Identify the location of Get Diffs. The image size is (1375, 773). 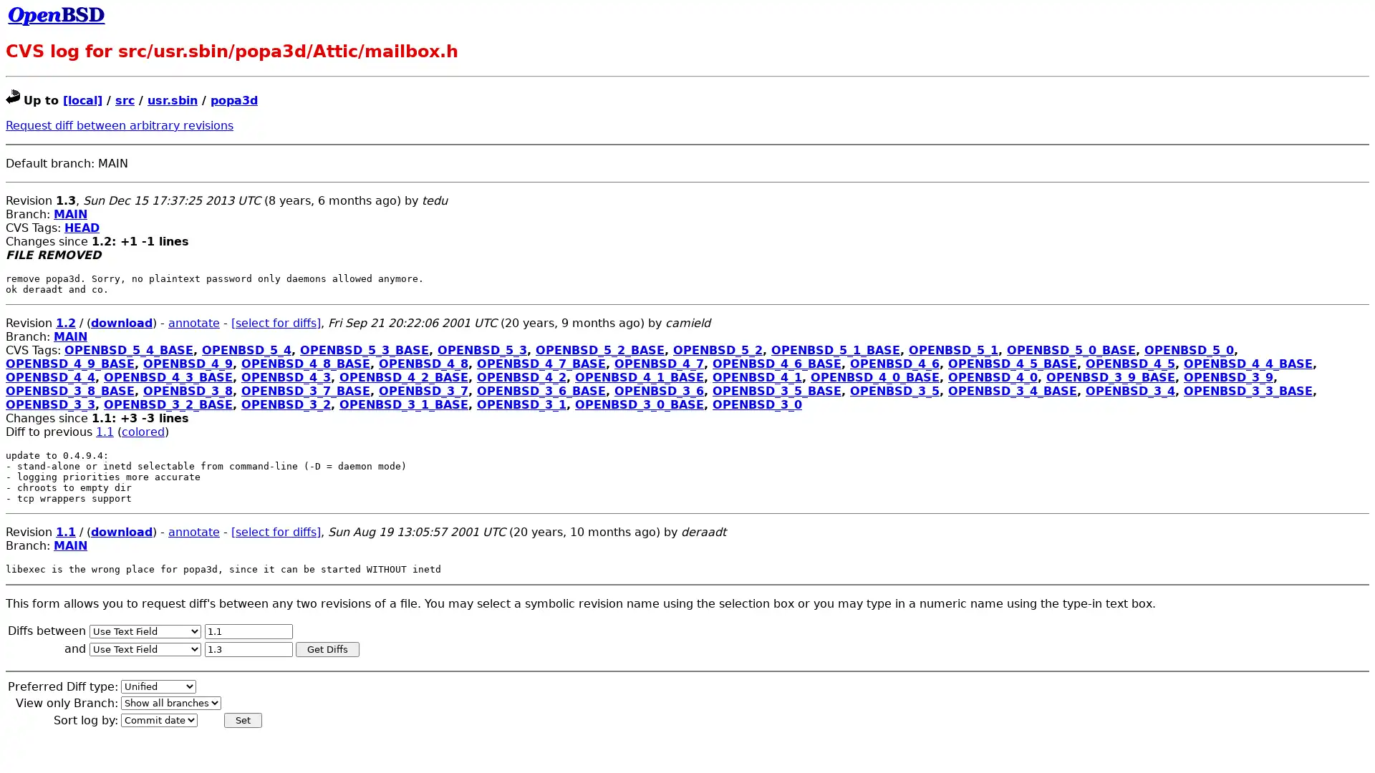
(327, 648).